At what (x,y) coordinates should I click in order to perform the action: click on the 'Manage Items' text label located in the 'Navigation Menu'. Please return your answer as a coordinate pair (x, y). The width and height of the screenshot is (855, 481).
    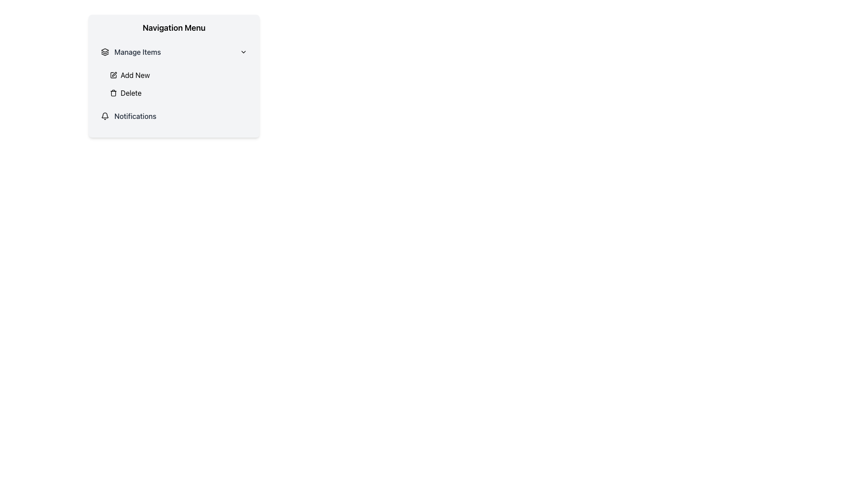
    Looking at the image, I should click on (137, 52).